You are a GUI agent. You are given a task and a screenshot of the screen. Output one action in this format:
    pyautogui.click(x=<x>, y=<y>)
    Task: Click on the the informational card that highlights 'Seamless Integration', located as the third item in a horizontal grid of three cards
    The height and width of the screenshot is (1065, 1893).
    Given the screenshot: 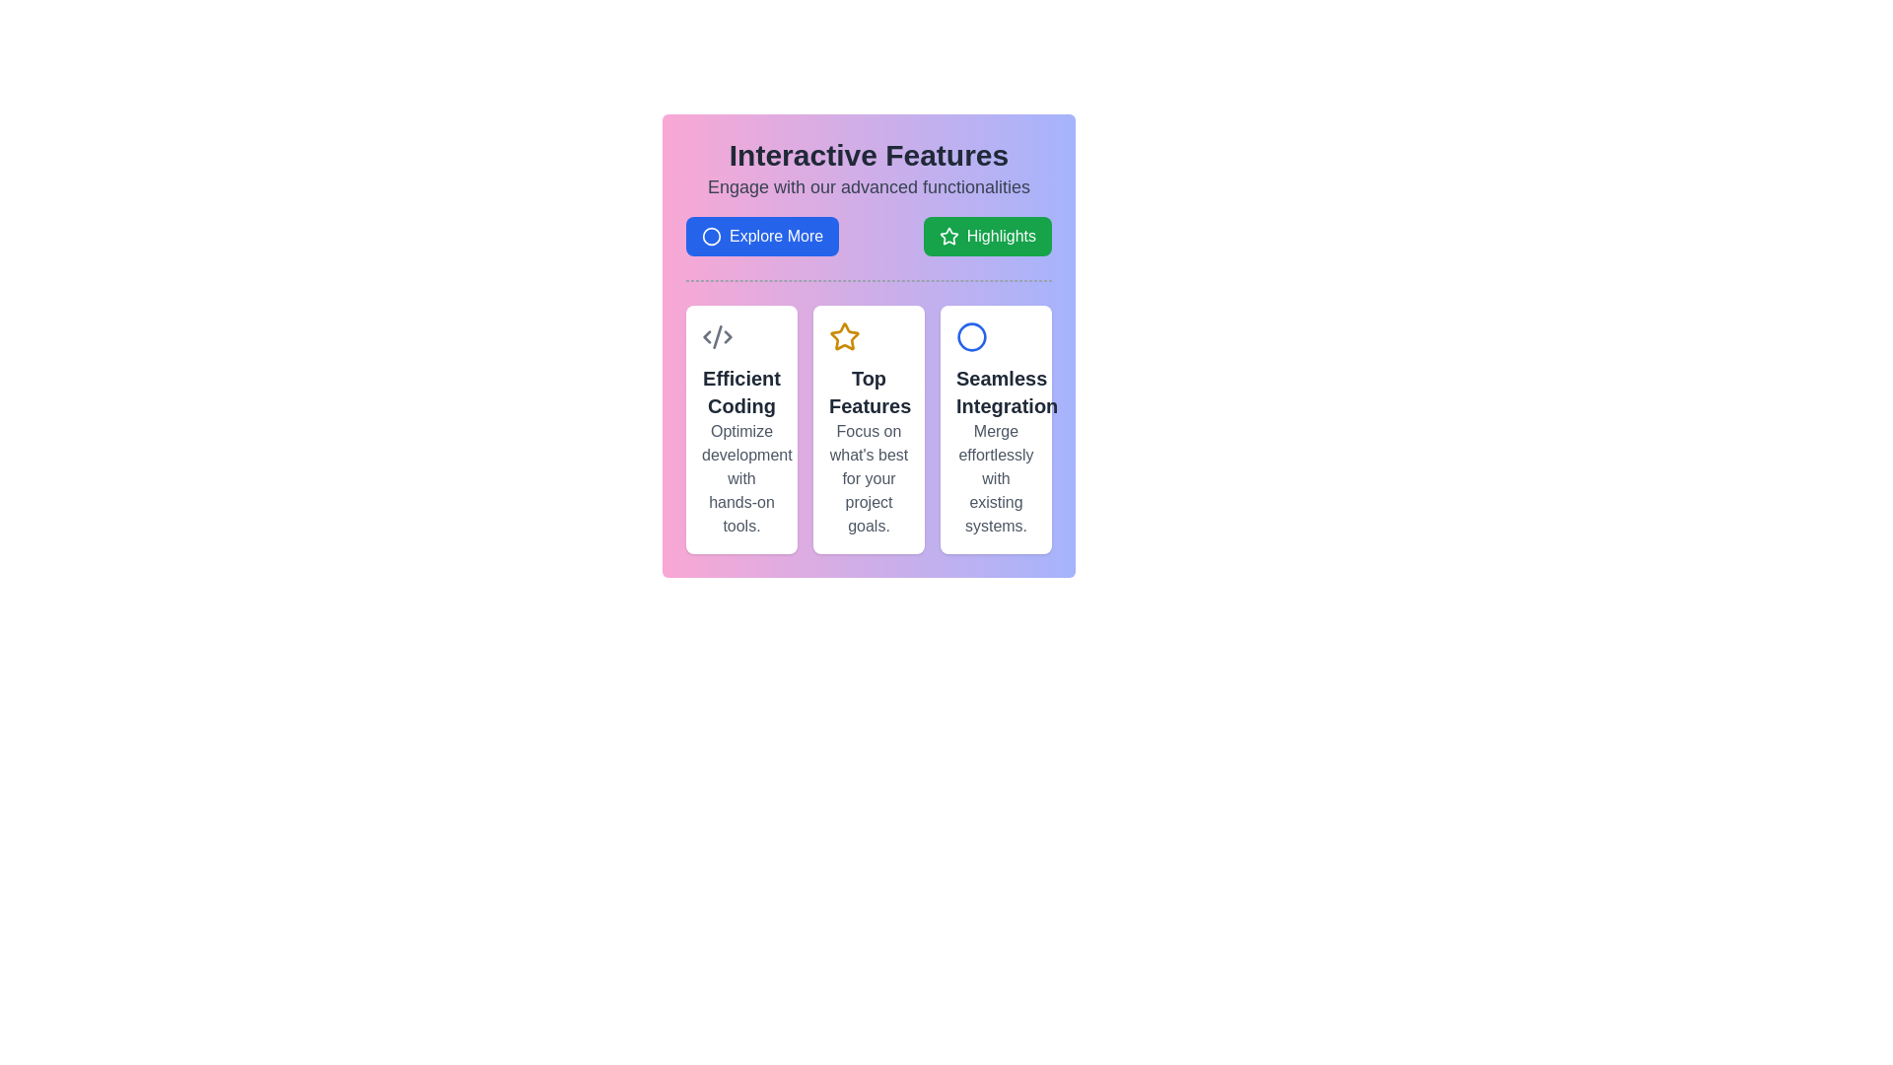 What is the action you would take?
    pyautogui.click(x=996, y=428)
    